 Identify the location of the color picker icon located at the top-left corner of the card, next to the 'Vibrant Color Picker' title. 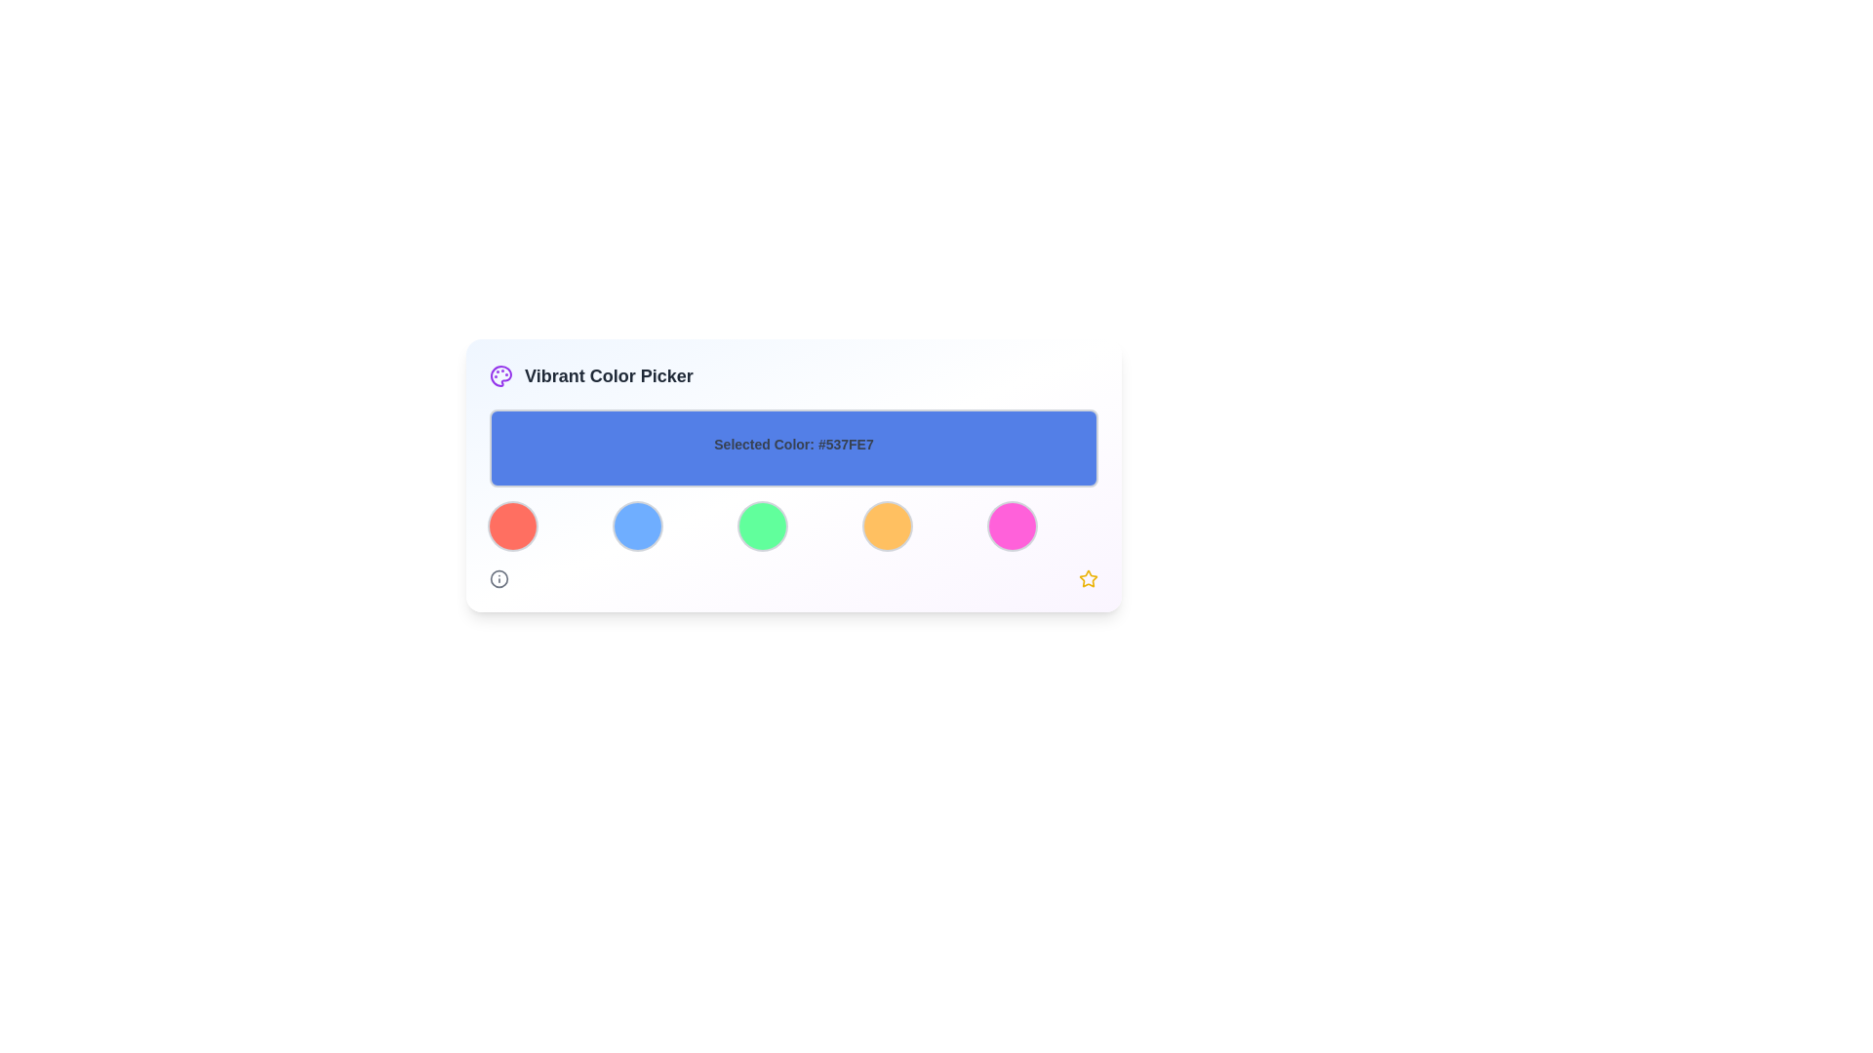
(500, 375).